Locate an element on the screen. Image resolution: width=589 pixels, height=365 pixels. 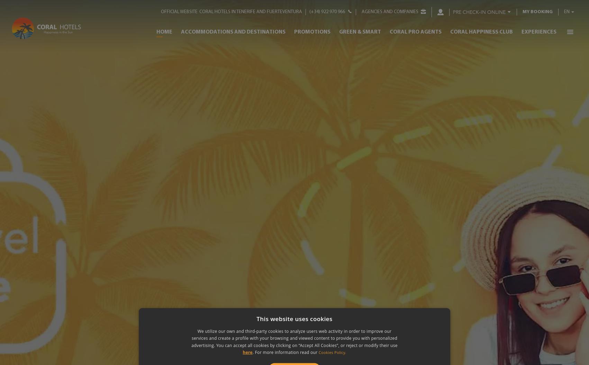
'Accommodations and destinations' is located at coordinates (233, 31).